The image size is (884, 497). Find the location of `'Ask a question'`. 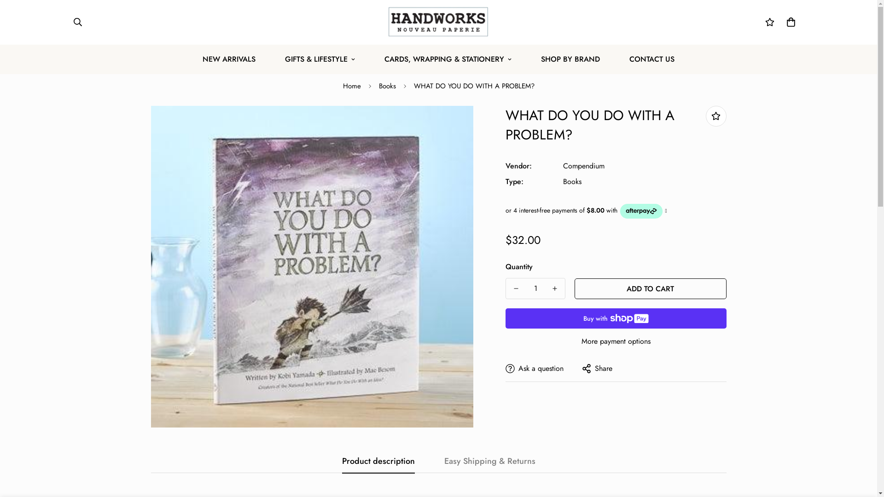

'Ask a question' is located at coordinates (505, 367).